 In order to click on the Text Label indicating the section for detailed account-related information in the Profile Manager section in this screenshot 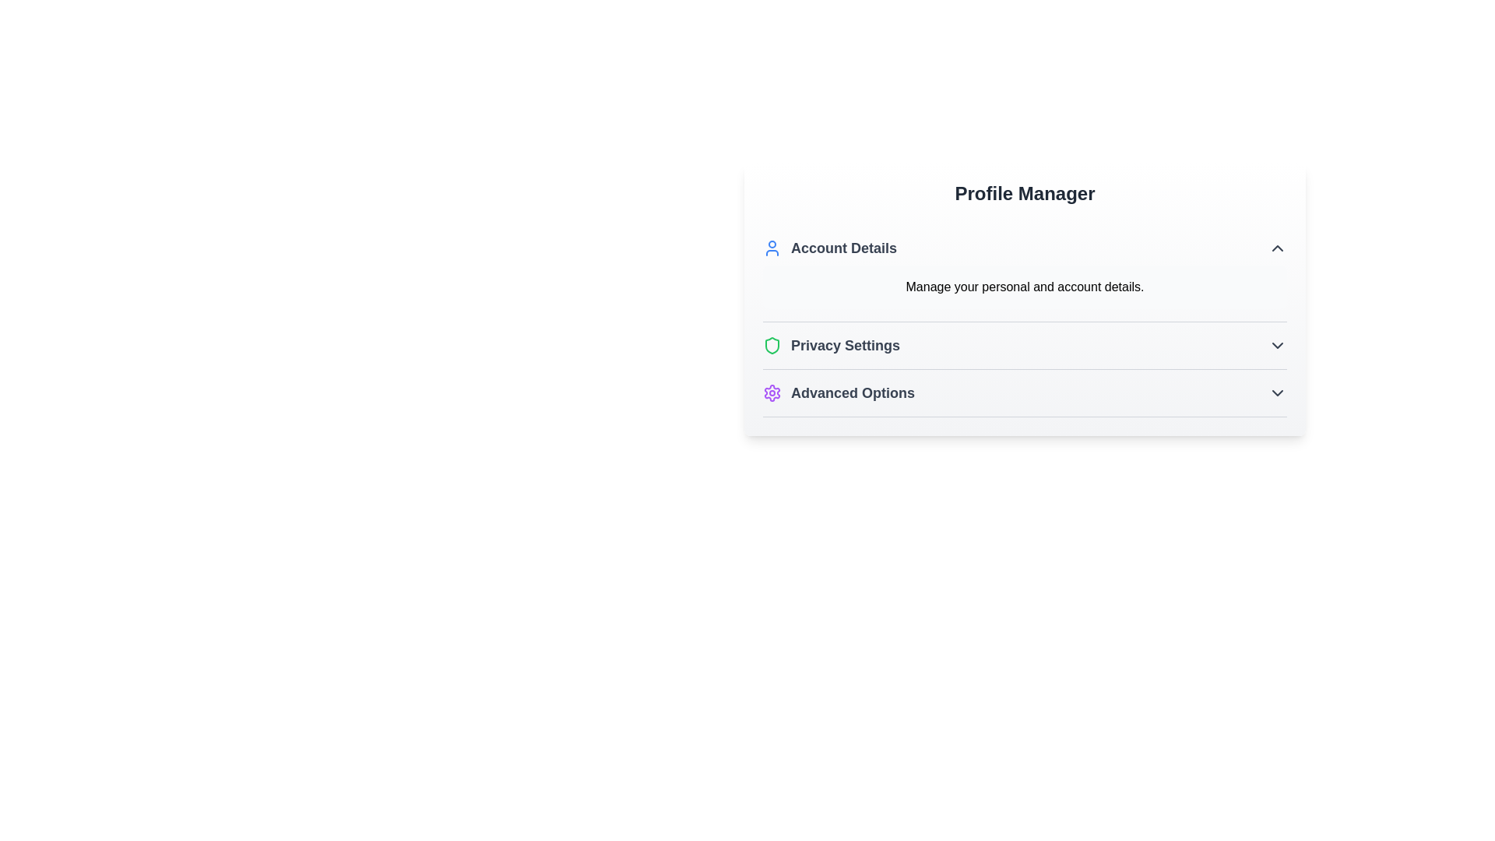, I will do `click(843, 248)`.